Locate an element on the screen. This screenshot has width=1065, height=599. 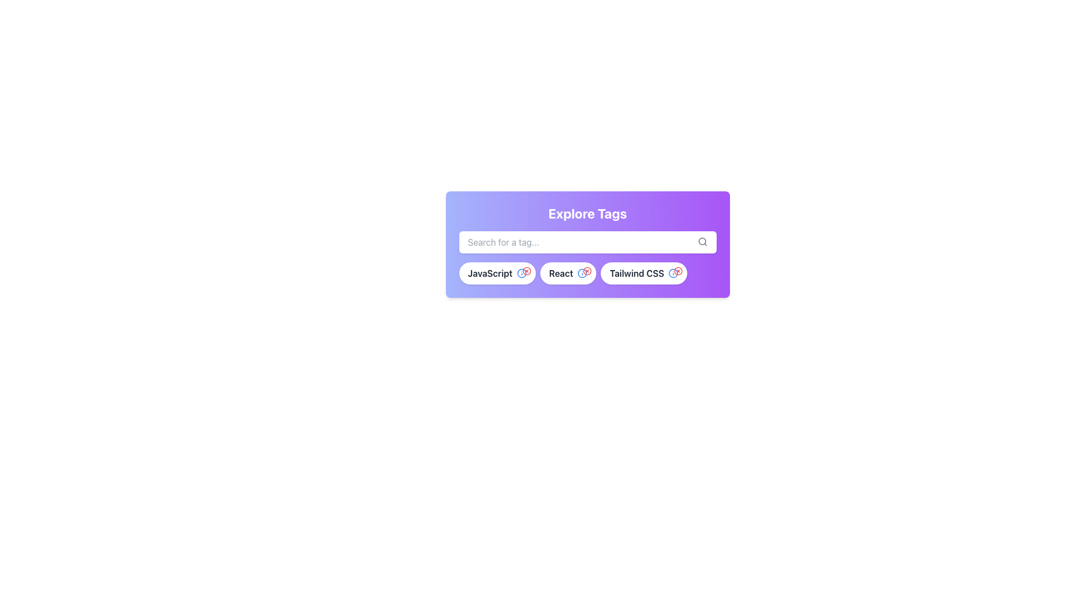
the 'React' button with a blue 'i' icon, which is the second tag in the horizontal list under 'Explore Tags' is located at coordinates (568, 273).